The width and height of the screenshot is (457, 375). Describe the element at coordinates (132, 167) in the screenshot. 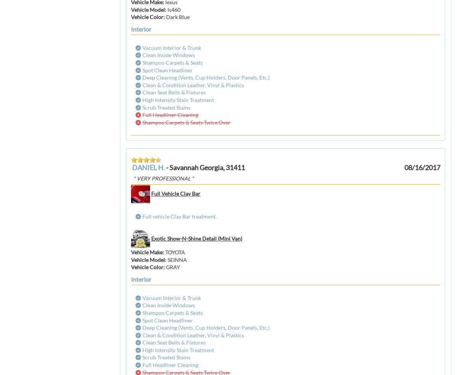

I see `'DANIEL H.'` at that location.